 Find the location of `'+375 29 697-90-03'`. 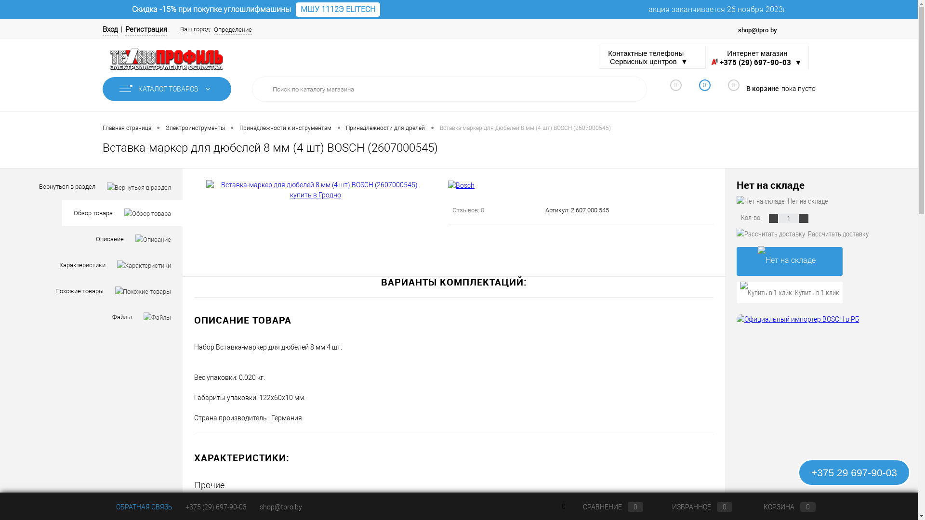

'+375 29 697-90-03' is located at coordinates (854, 472).